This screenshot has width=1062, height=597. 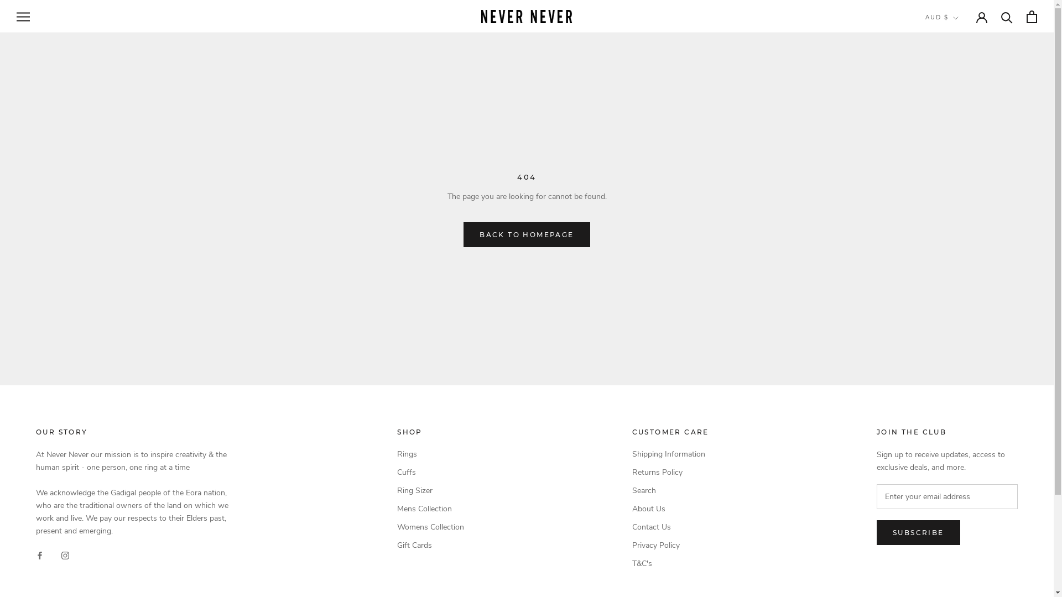 What do you see at coordinates (918, 532) in the screenshot?
I see `'SUBSCRIBE'` at bounding box center [918, 532].